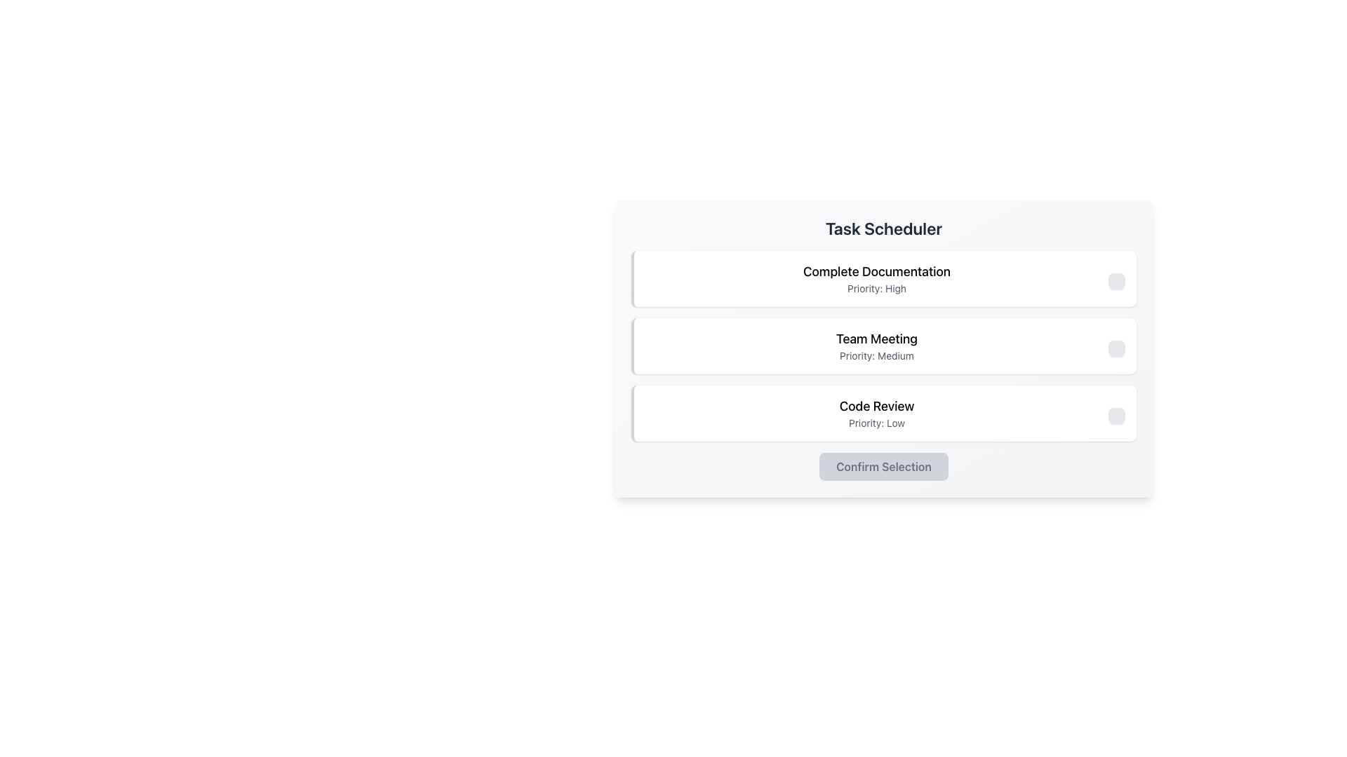  Describe the element at coordinates (883, 346) in the screenshot. I see `the middle task item labeled 'Team Meeting' within the vertically arranged grid of tasks for additional information` at that location.